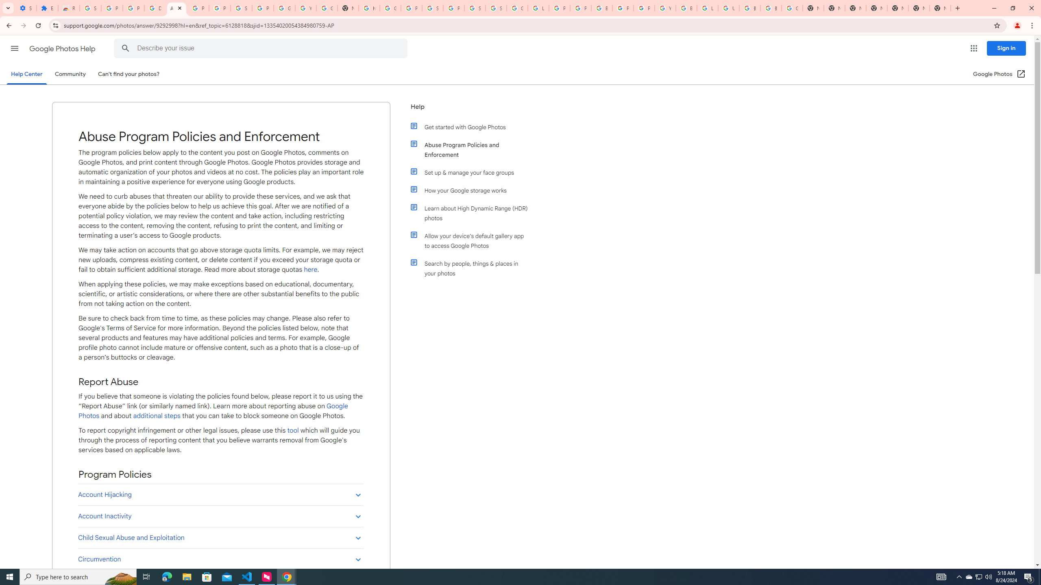  I want to click on 'Browse Chrome as a guest - Computer - Google Chrome Help', so click(686, 8).